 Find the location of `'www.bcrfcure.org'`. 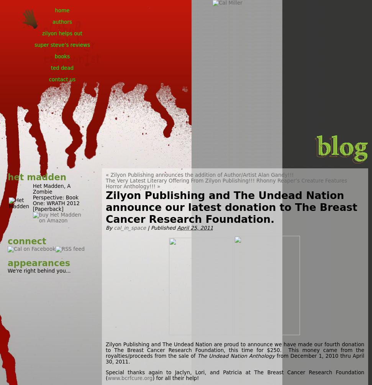

'www.bcrfcure.org' is located at coordinates (130, 377).